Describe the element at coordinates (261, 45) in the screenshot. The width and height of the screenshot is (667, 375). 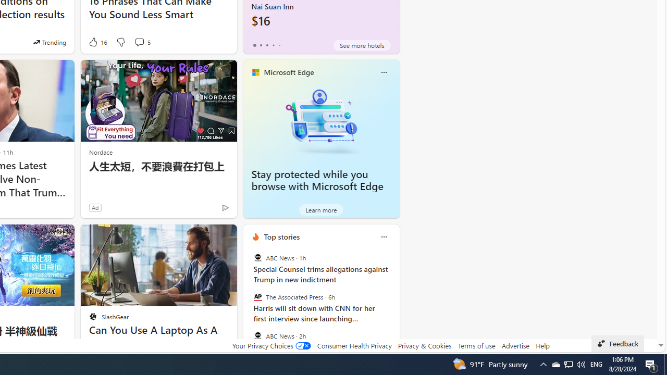
I see `'tab-1'` at that location.